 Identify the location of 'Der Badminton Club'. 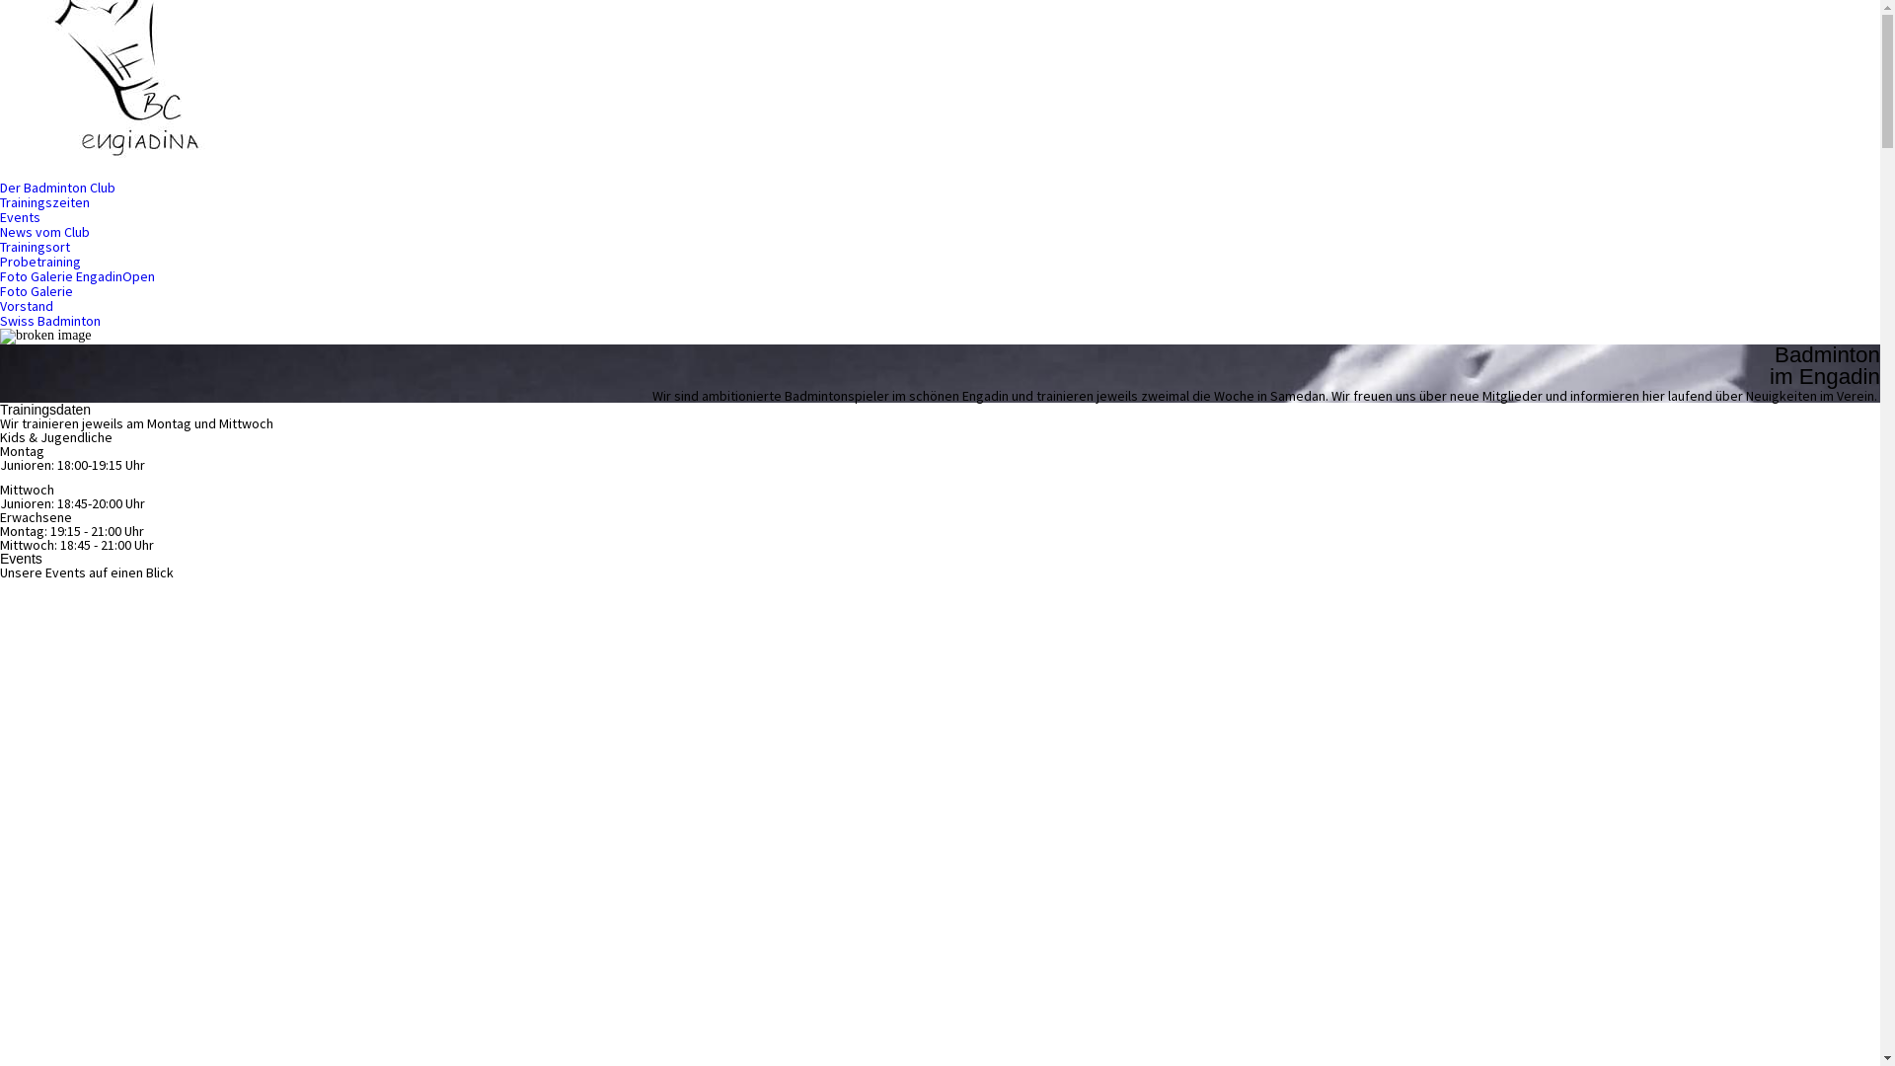
(0, 188).